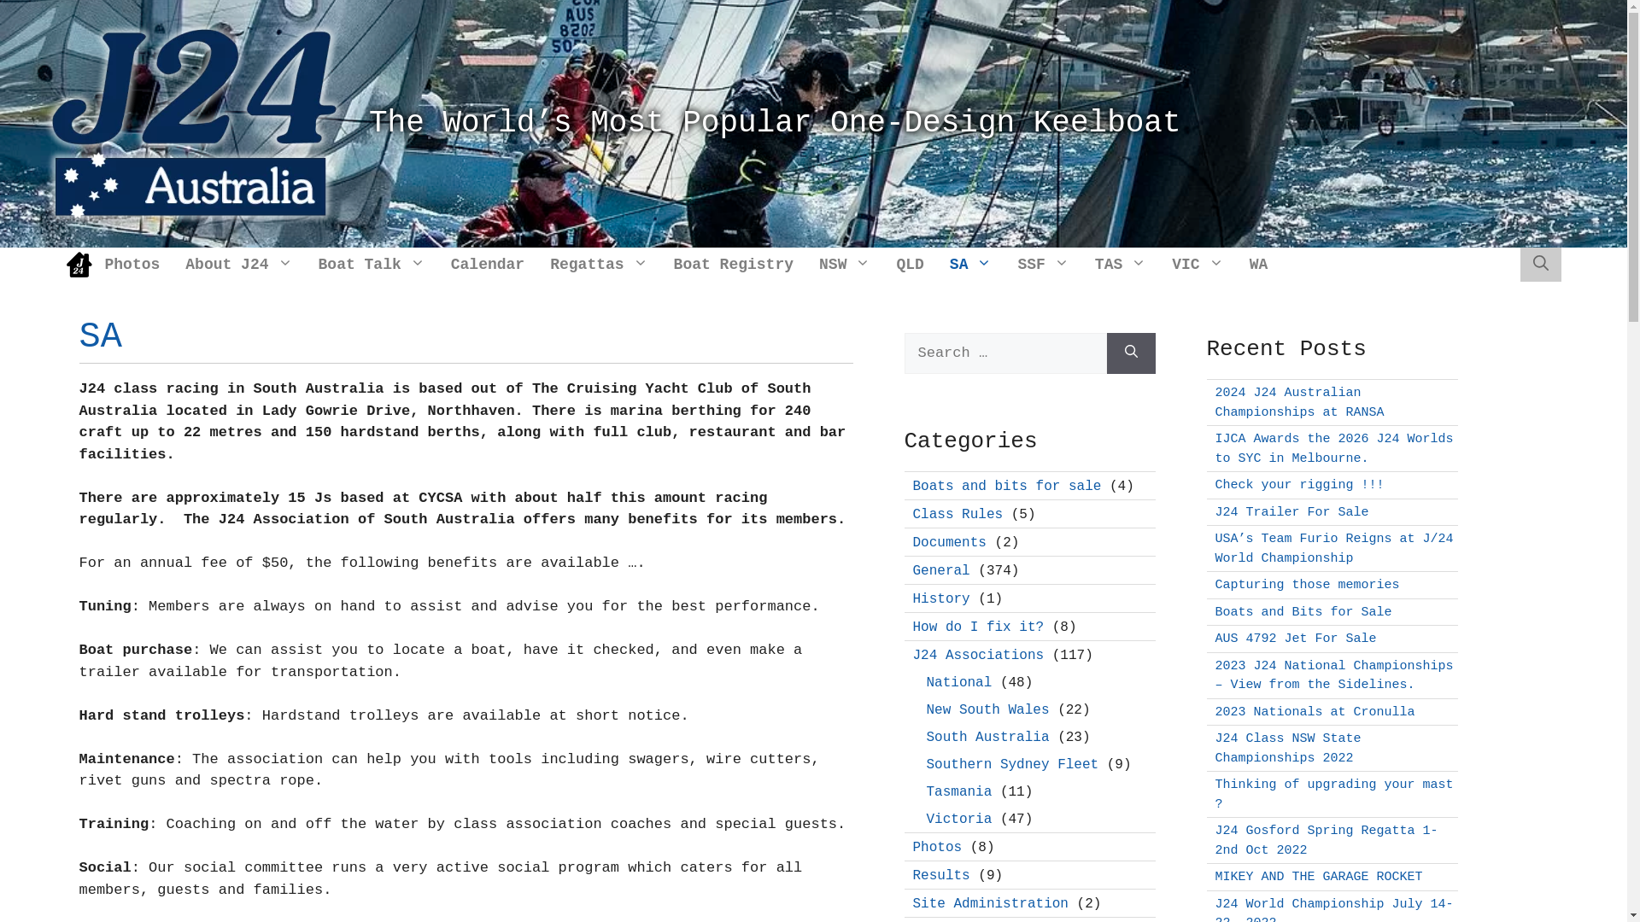 The height and width of the screenshot is (922, 1640). Describe the element at coordinates (1332, 447) in the screenshot. I see `'IJCA Awards the 2026 J24 Worlds to SYC in Melbourne.'` at that location.